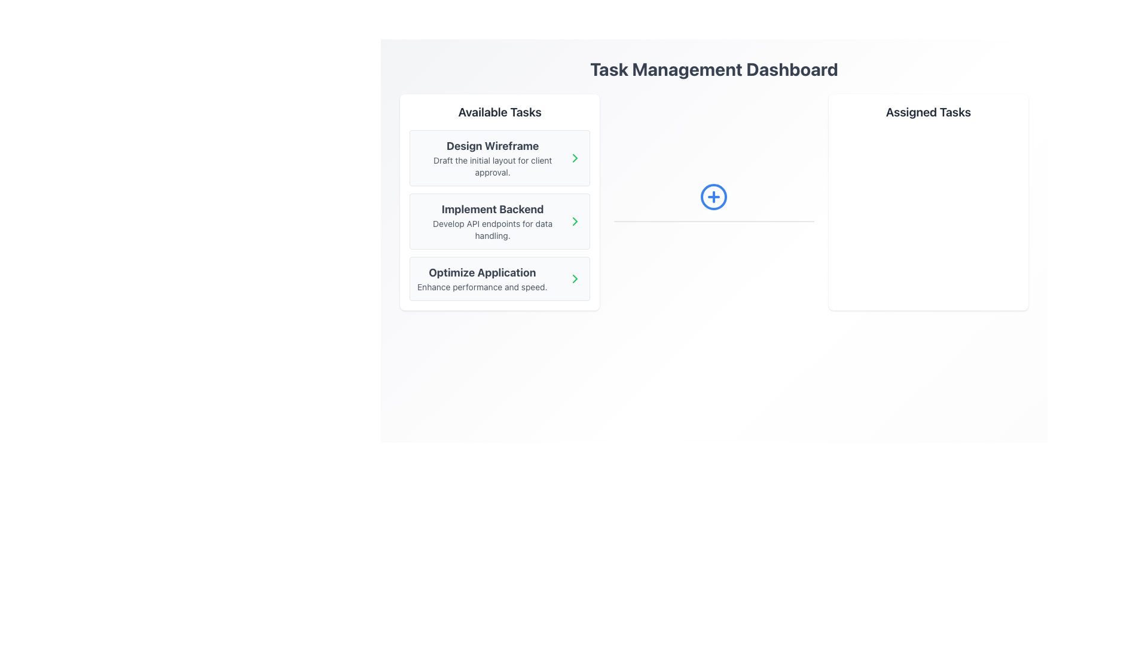 Image resolution: width=1148 pixels, height=645 pixels. I want to click on the task item labeled 'Implement Backend' in the 'Available Tasks' section, so click(493, 221).